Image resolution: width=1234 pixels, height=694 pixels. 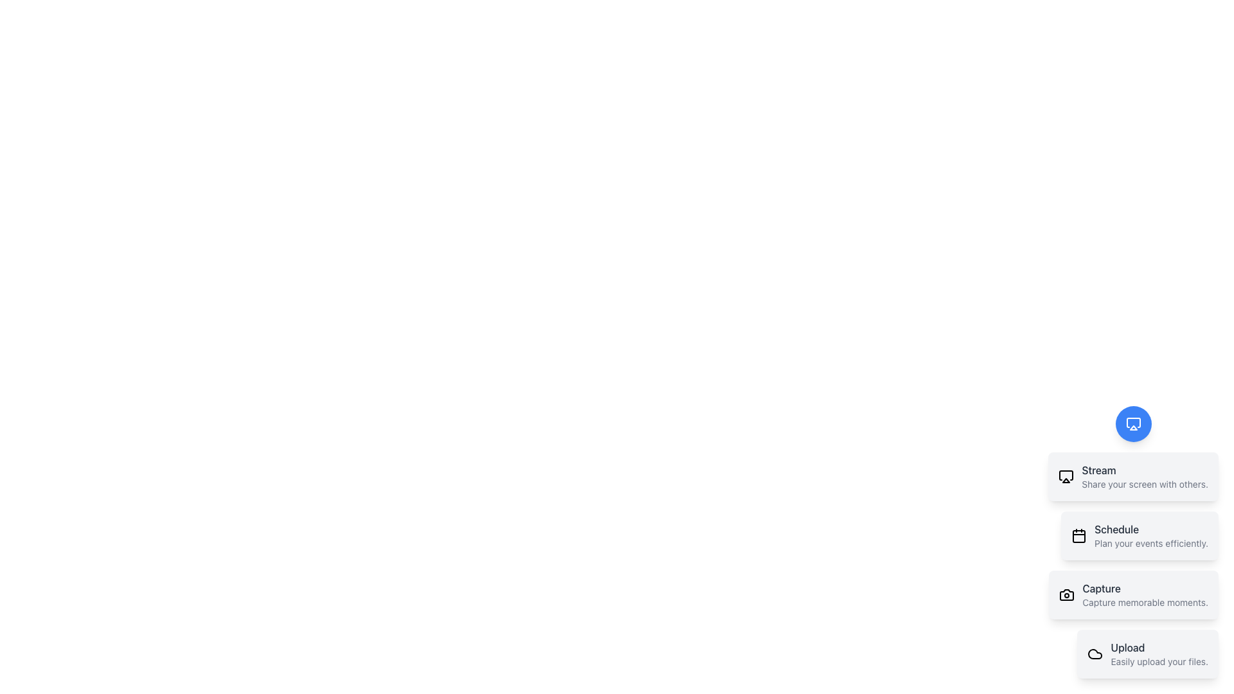 What do you see at coordinates (1145, 602) in the screenshot?
I see `the descriptive text that reads 'Capture memorable moments.' This text is styled in a small-sized gray font and is positioned below a larger, bolded text saying 'Capture.'` at bounding box center [1145, 602].